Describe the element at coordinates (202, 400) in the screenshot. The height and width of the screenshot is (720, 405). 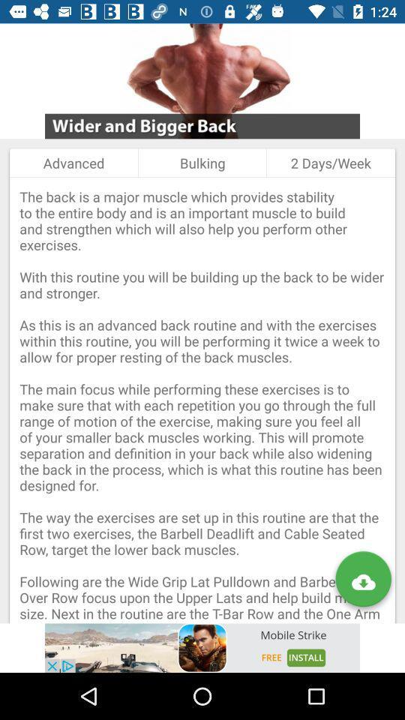
I see `item below the advanced icon` at that location.